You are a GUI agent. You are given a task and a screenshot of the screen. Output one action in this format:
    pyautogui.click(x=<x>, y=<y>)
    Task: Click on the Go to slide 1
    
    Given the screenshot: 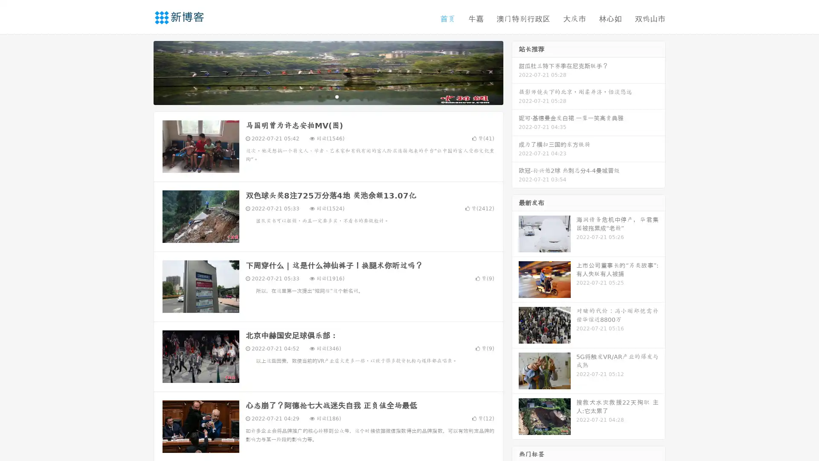 What is the action you would take?
    pyautogui.click(x=319, y=96)
    